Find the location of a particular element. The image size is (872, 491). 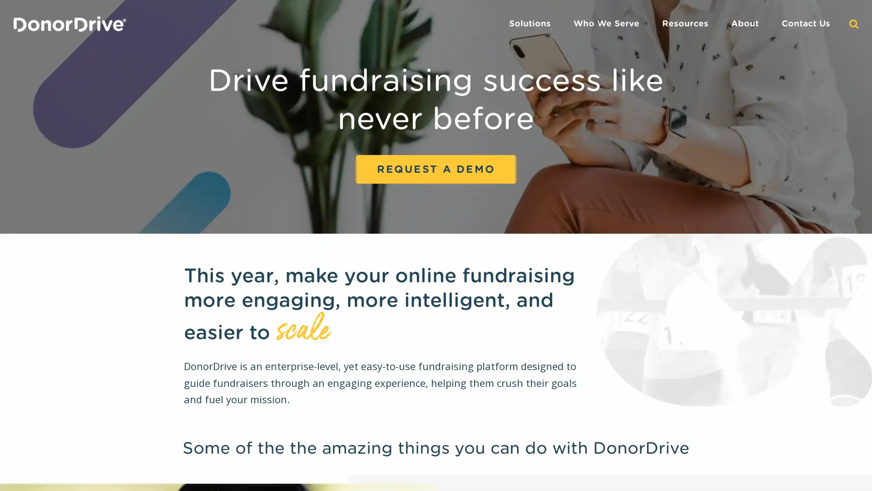

Solutions is located at coordinates (530, 23).